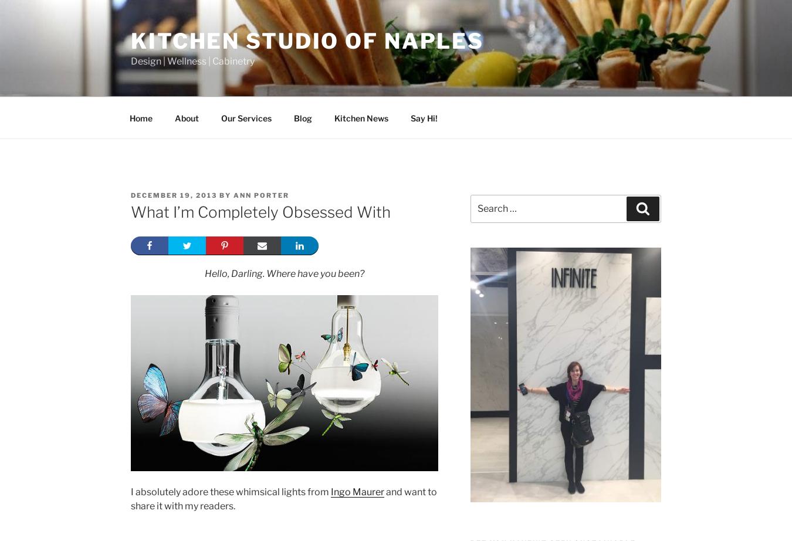  What do you see at coordinates (185, 117) in the screenshot?
I see `'About'` at bounding box center [185, 117].